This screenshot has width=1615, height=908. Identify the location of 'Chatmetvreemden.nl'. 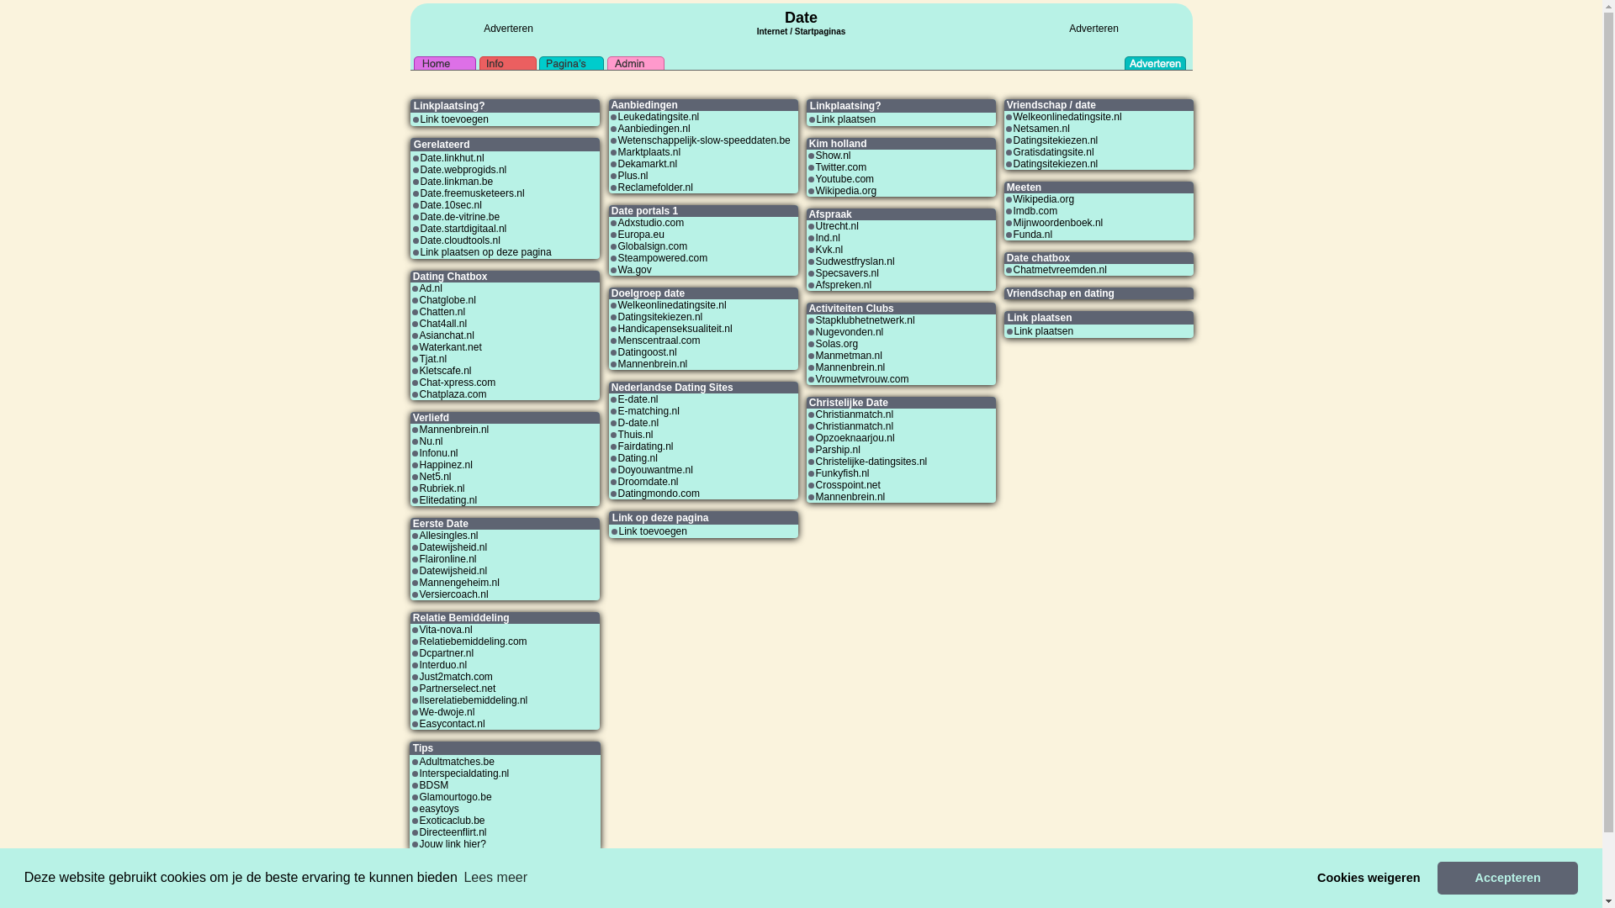
(1012, 268).